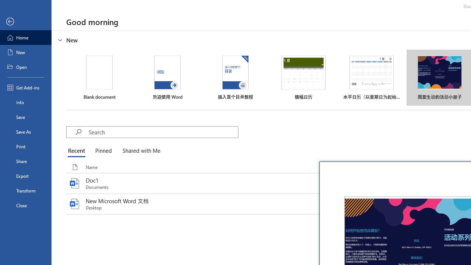  I want to click on 'Save As', so click(25, 131).